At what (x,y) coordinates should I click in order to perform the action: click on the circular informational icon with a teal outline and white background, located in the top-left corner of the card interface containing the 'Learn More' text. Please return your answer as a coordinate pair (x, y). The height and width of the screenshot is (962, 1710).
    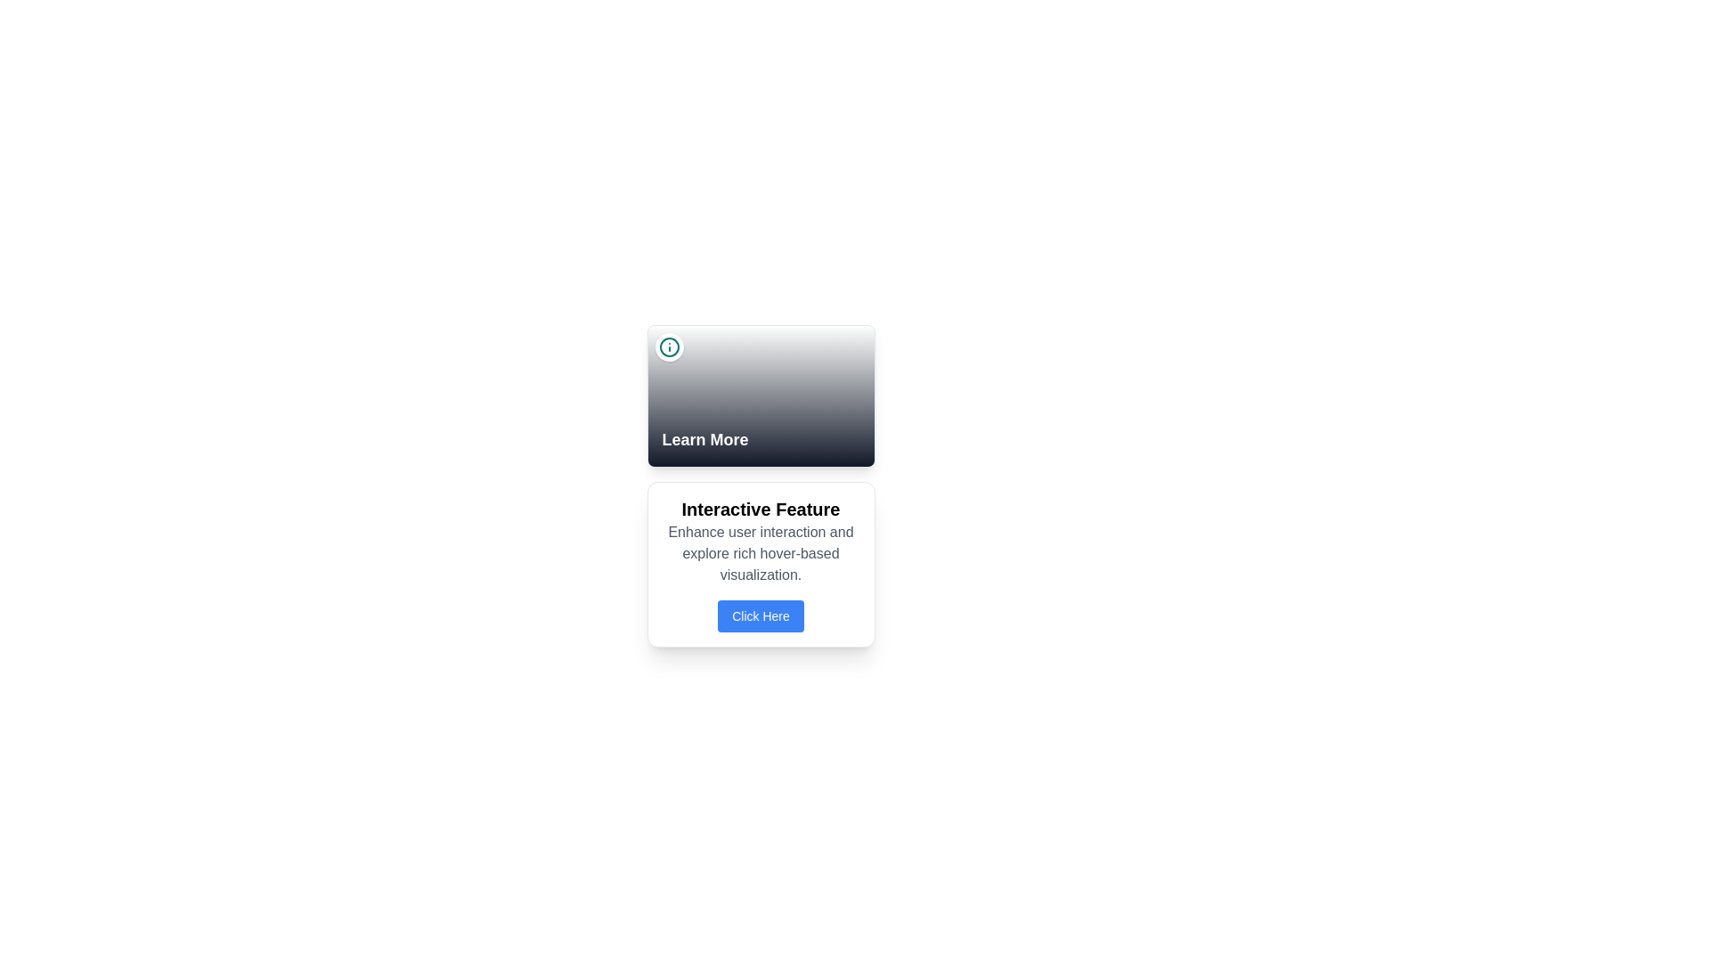
    Looking at the image, I should click on (668, 346).